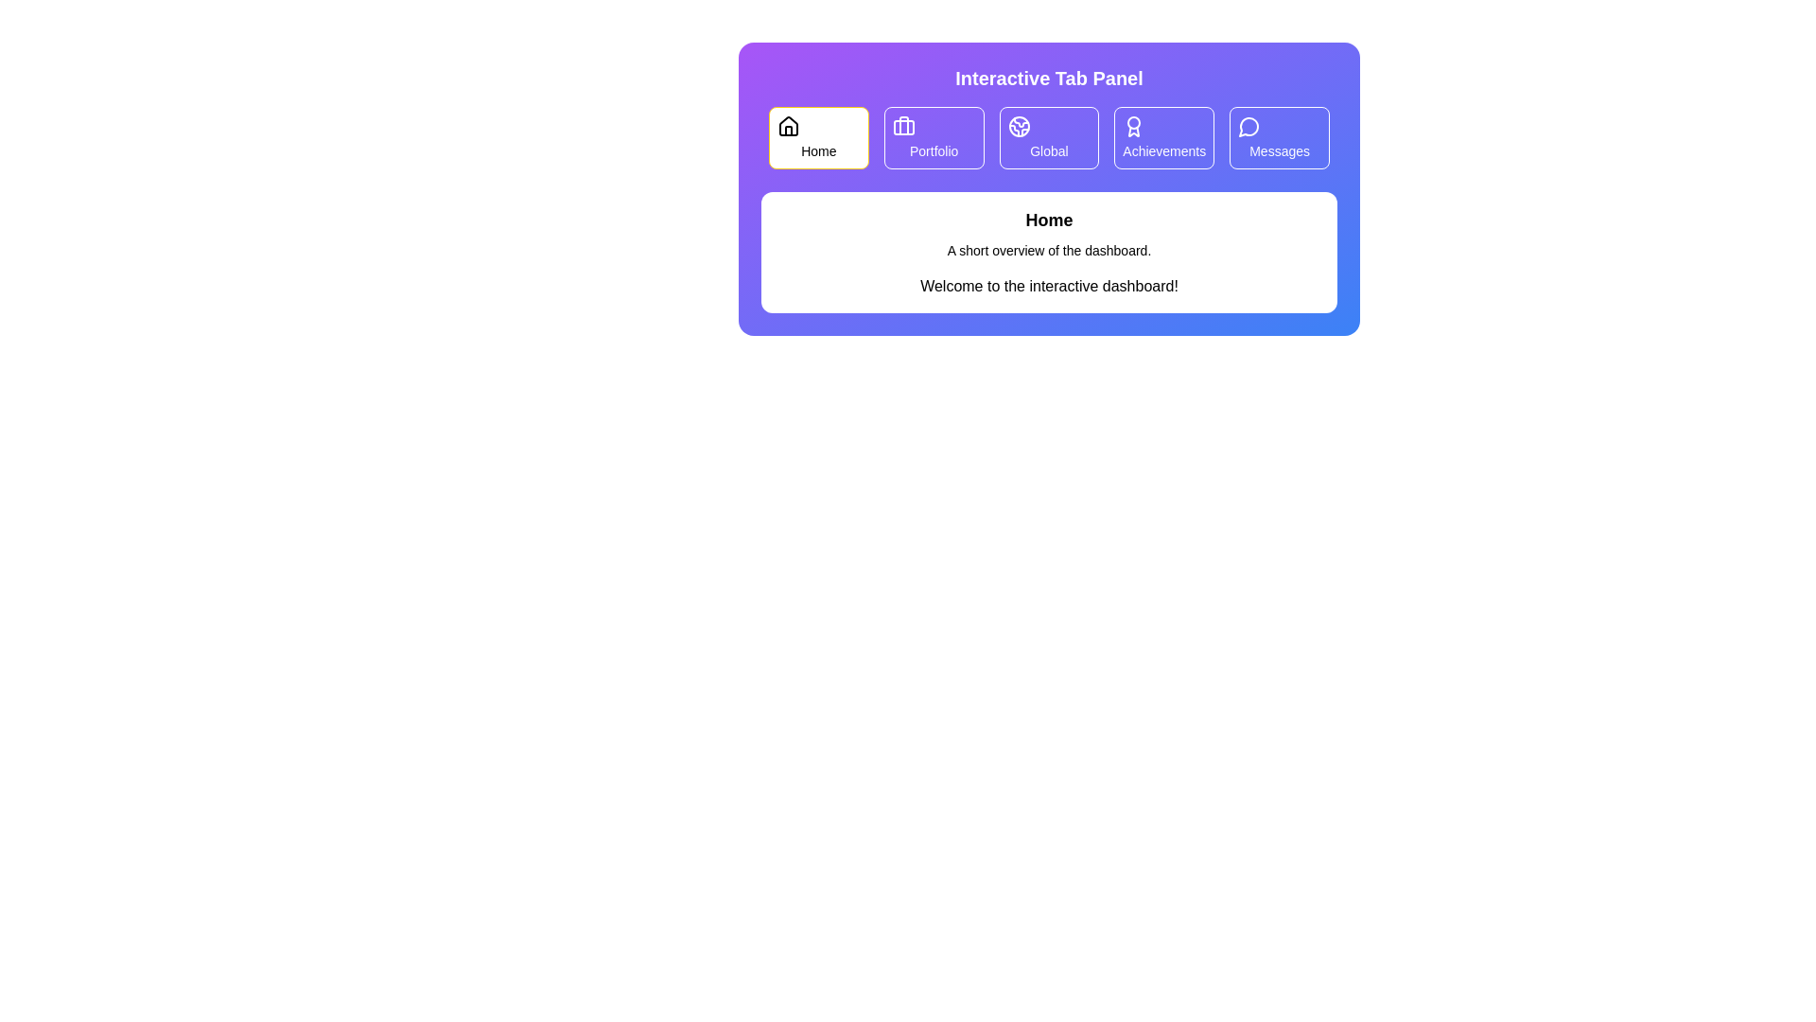 The width and height of the screenshot is (1816, 1022). Describe the element at coordinates (1280, 150) in the screenshot. I see `label text for the 'Messages' navigation button located in the header section, positioned below the speech-bubble icon` at that location.